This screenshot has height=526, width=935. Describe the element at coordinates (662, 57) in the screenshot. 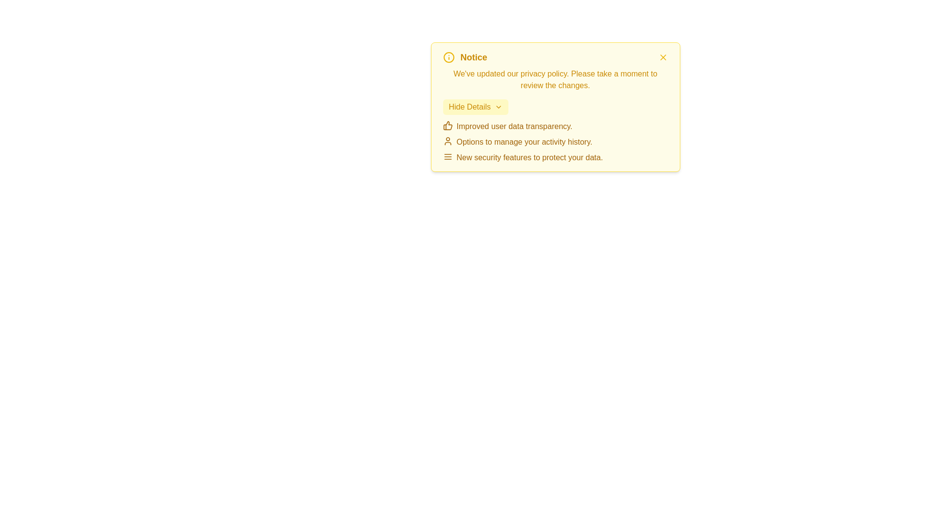

I see `the close button located at the top-right corner of the notice box, adjacent to the title 'Notice'` at that location.